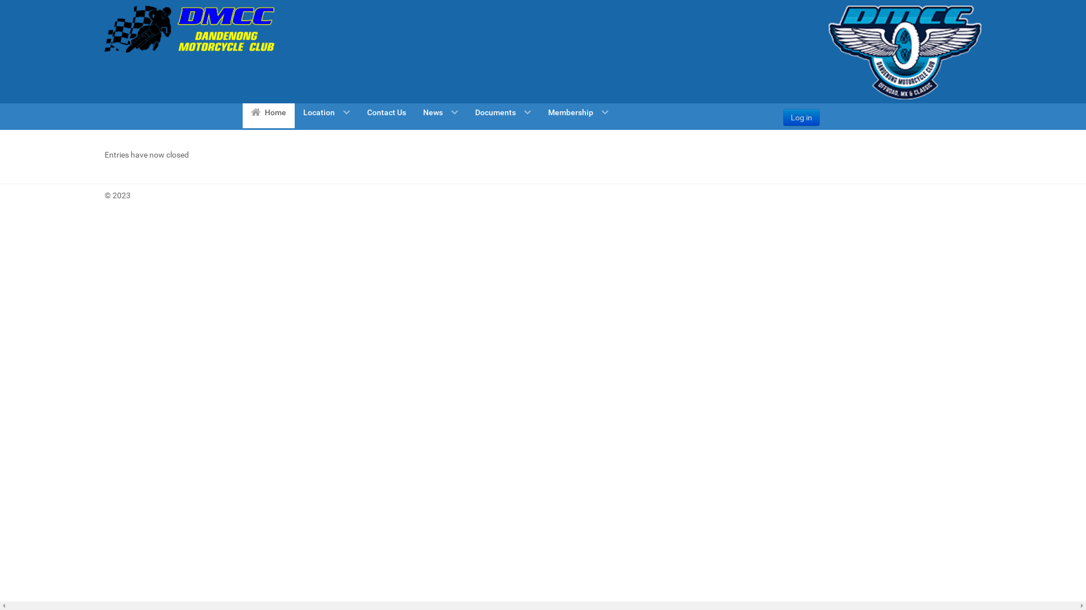 This screenshot has height=610, width=1086. I want to click on 'Home', so click(268, 111).